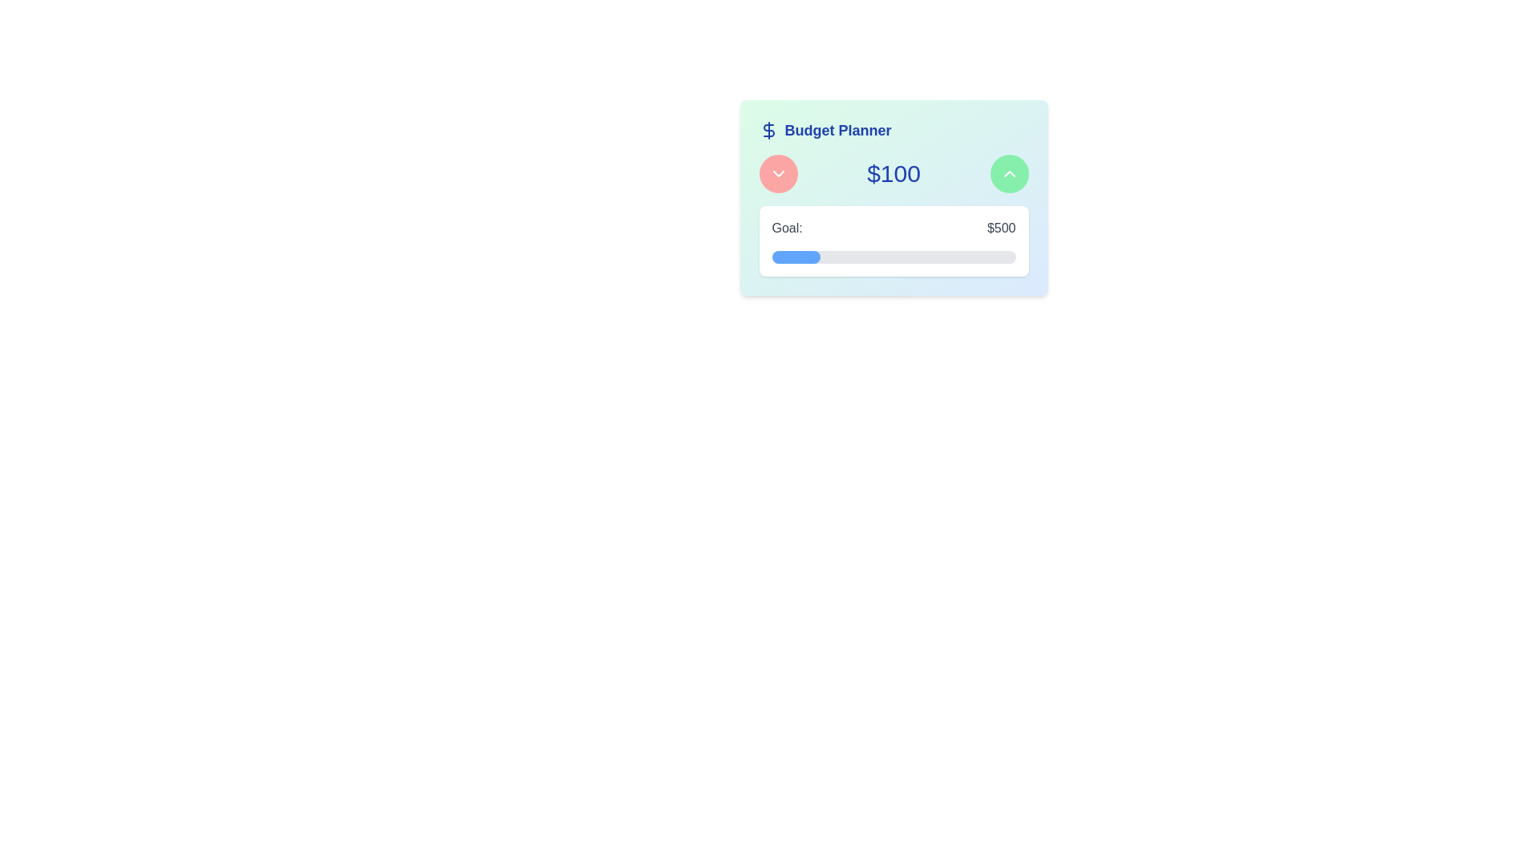 This screenshot has height=866, width=1540. I want to click on the green circular button with a white upward-pointing arrow icon at its center to interact, so click(1008, 173).